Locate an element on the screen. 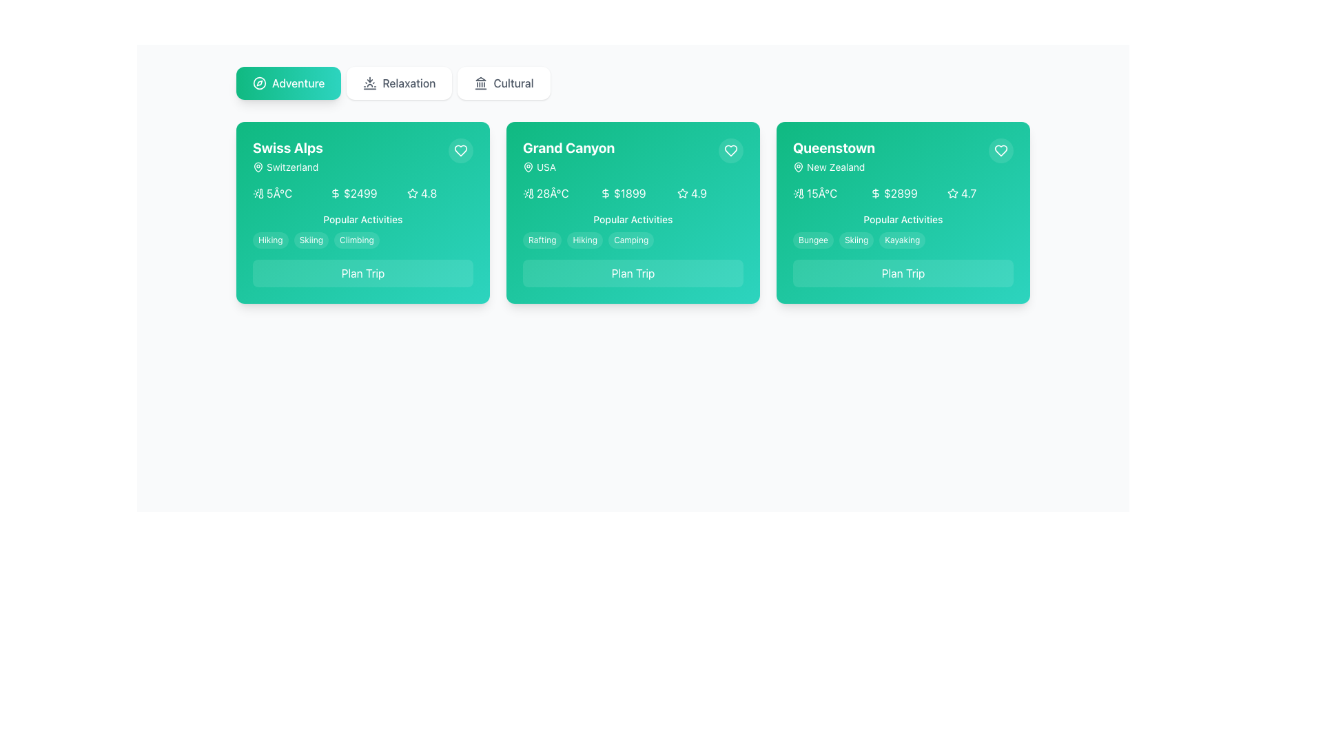  the informational text label displaying the average rating for the 'Queenstown' trip located in the third column of the trip card is located at coordinates (968, 194).